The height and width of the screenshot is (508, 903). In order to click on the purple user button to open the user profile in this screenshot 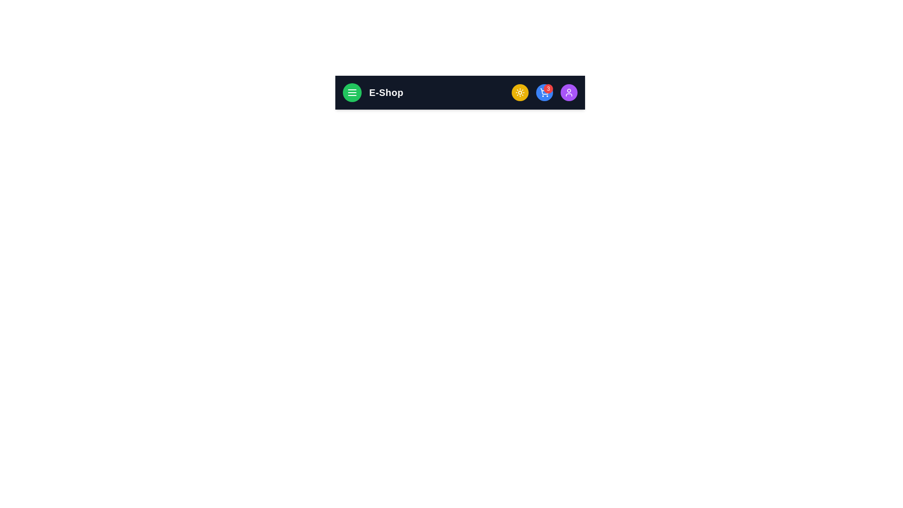, I will do `click(568, 92)`.